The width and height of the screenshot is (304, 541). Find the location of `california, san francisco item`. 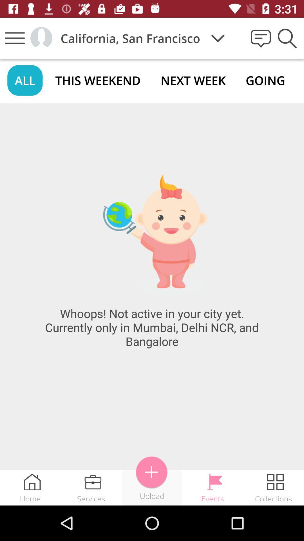

california, san francisco item is located at coordinates (130, 38).